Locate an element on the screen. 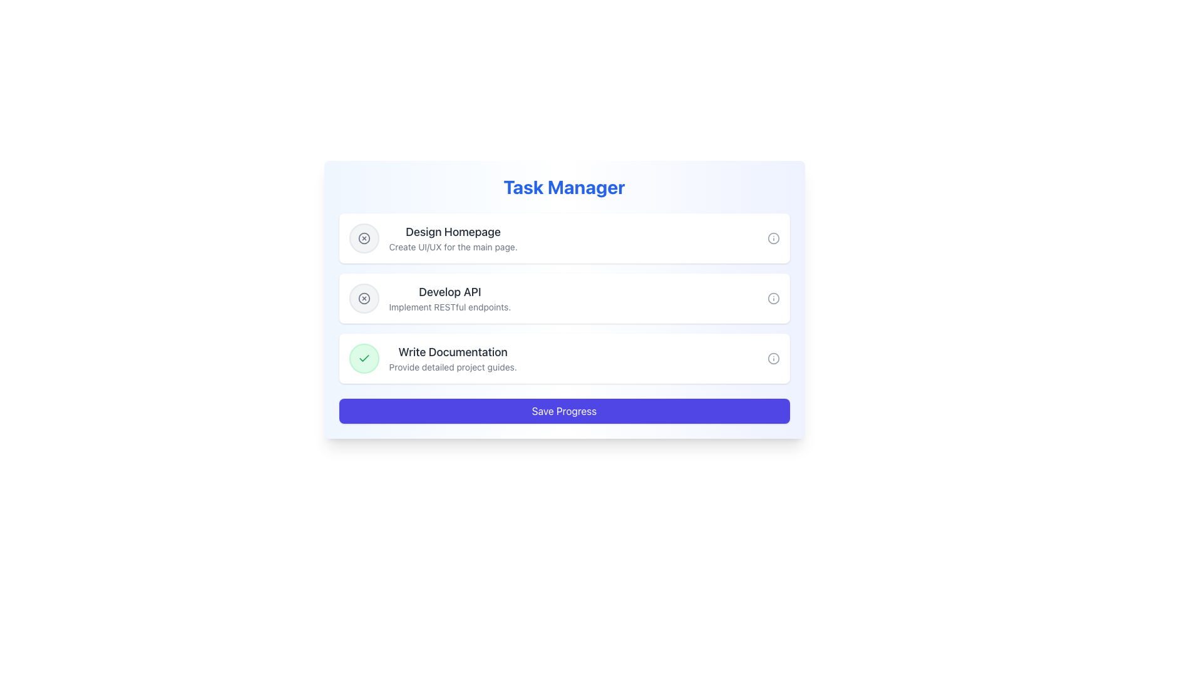  text label displaying 'Create UI/UX for the main page.' which is located below the title 'Design Homepage.' is located at coordinates (453, 247).